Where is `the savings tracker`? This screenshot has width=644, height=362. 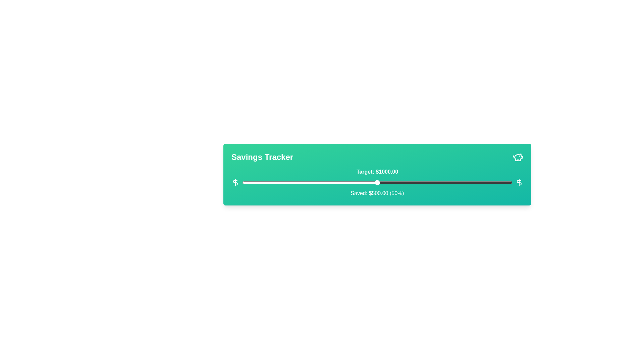 the savings tracker is located at coordinates (272, 182).